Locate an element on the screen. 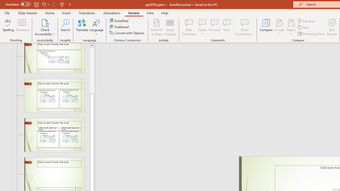 This screenshot has width=340, height=191. 'Slide Comparison Layout: used by no slides' is located at coordinates (54, 134).